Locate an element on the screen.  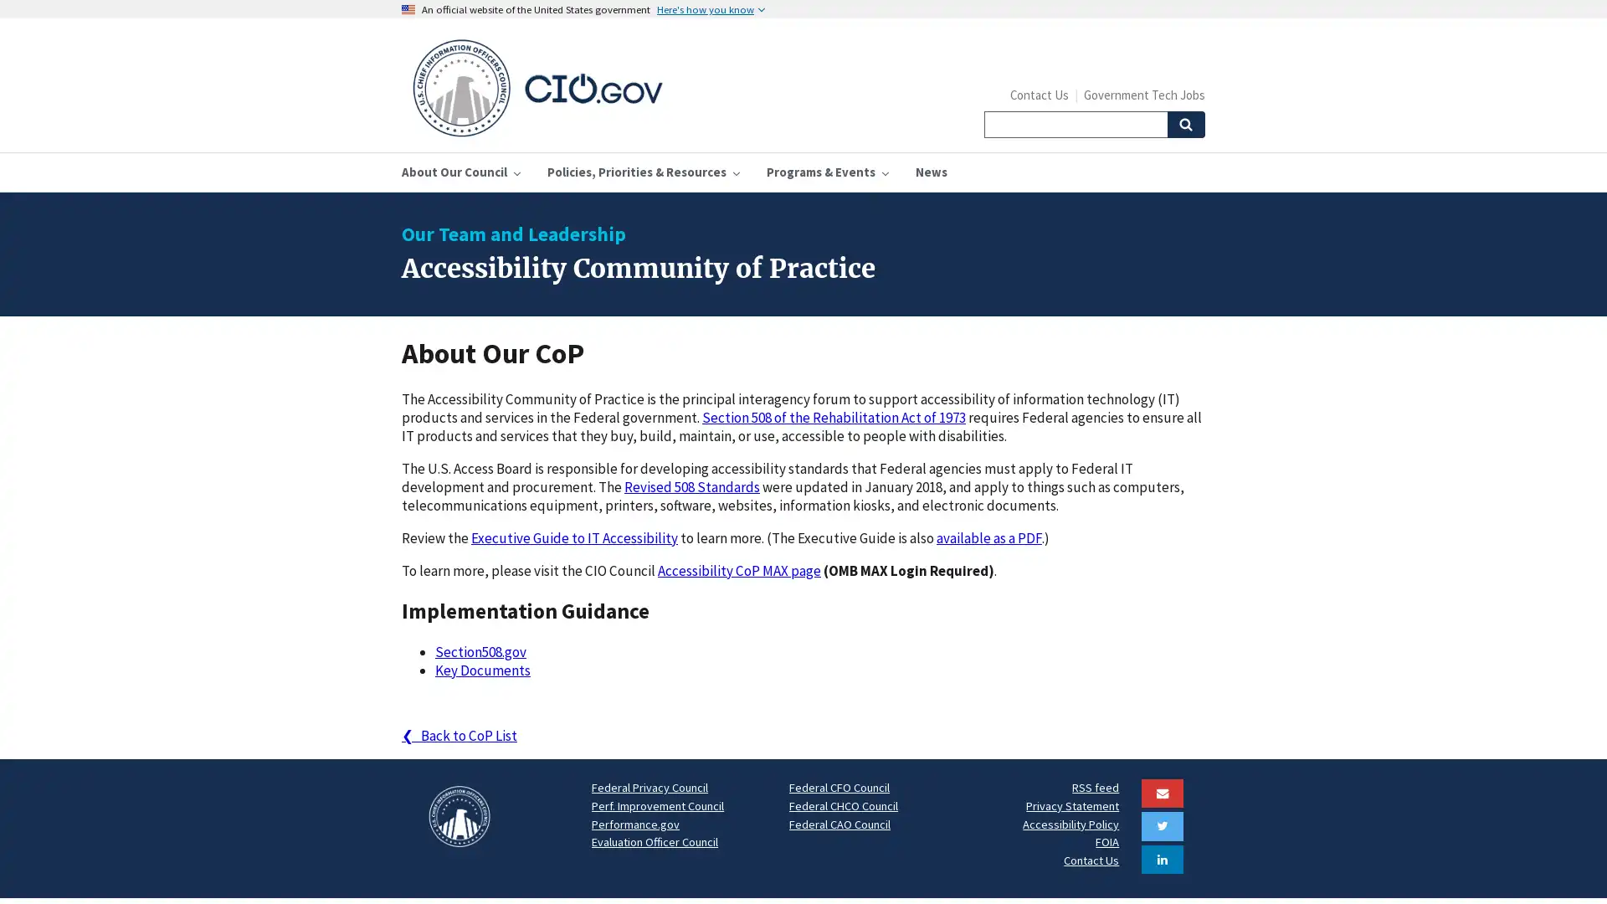
Search is located at coordinates (1184, 124).